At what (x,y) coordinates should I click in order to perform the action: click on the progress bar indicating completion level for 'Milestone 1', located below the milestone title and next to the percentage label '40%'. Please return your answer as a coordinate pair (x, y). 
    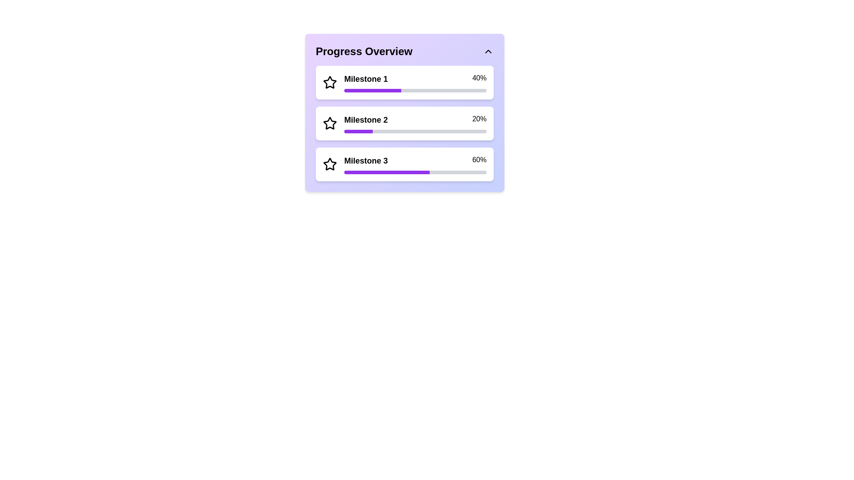
    Looking at the image, I should click on (415, 91).